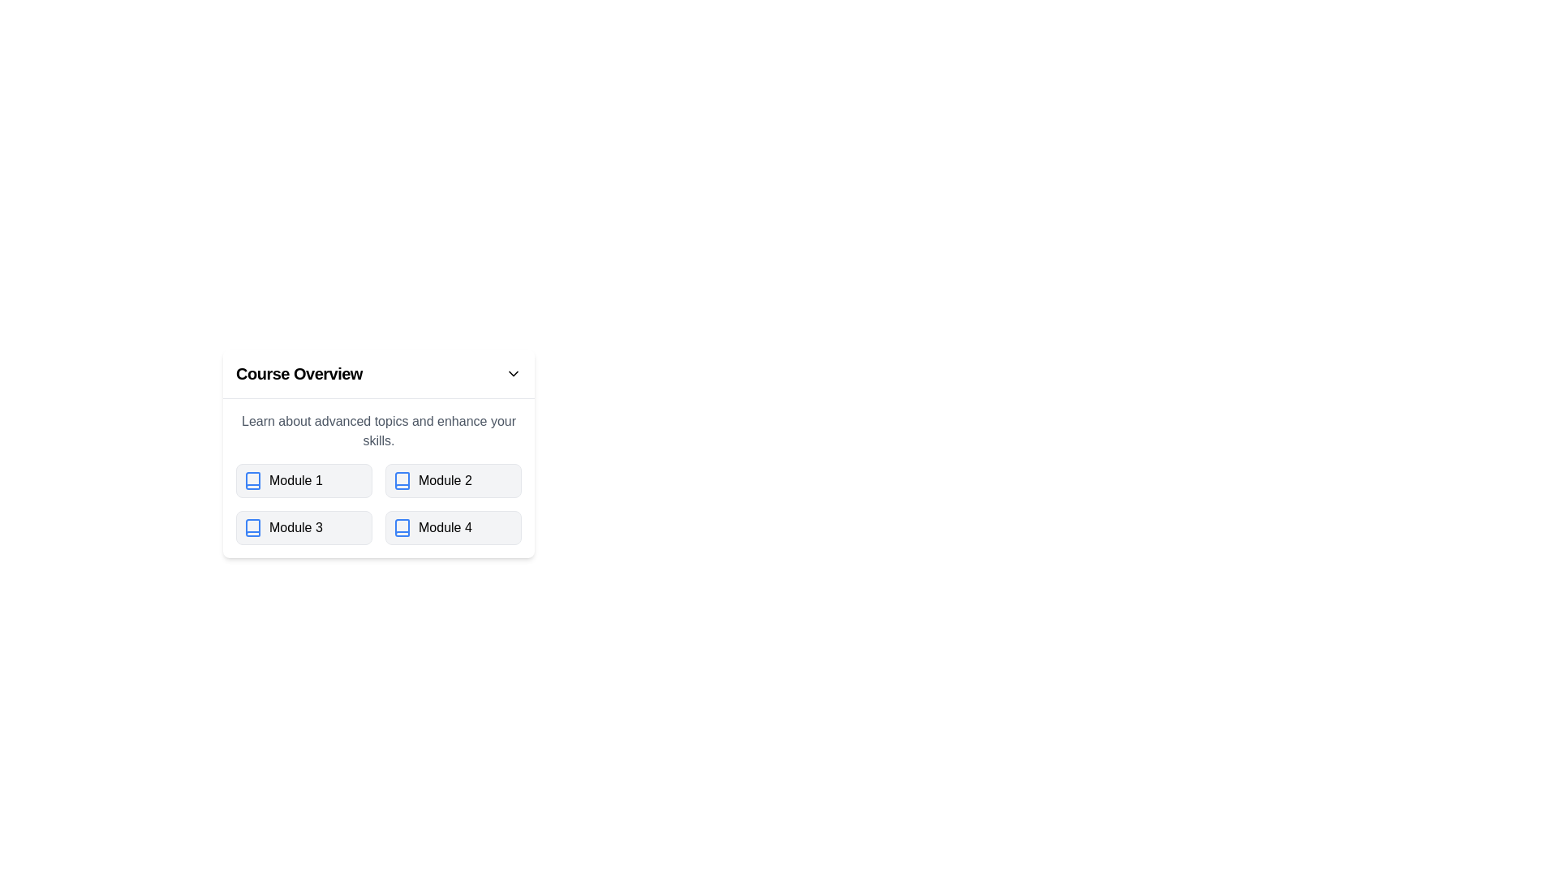  I want to click on the upper text description in the 'Course Overview' section that provides an introduction to the course content, so click(377, 431).